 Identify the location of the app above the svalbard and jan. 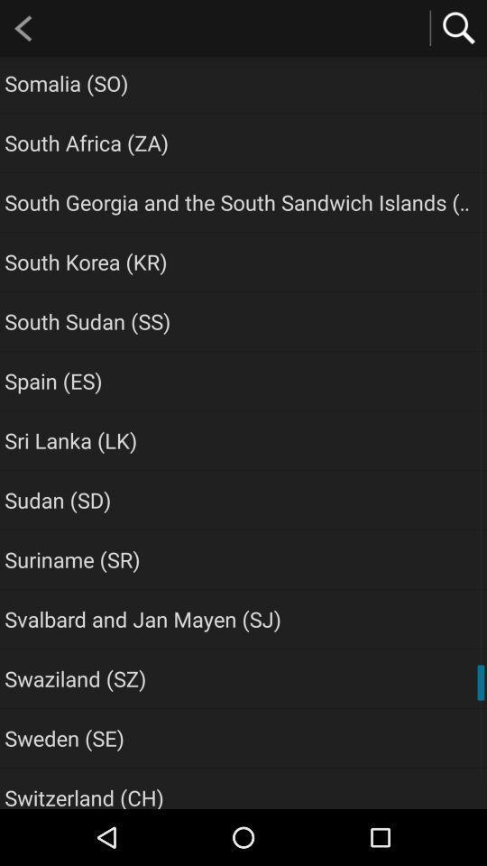
(71, 558).